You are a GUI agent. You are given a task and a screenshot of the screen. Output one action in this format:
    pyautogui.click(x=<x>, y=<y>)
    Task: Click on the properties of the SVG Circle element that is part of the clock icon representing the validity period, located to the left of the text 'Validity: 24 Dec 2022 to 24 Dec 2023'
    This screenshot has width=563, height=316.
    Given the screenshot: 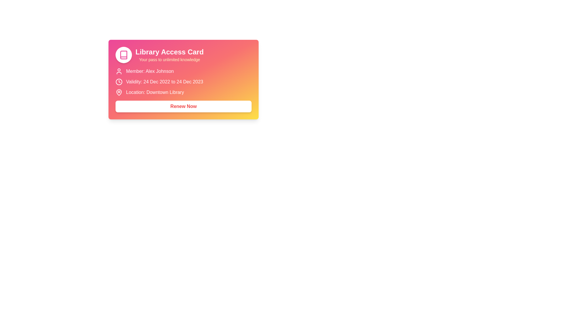 What is the action you would take?
    pyautogui.click(x=119, y=82)
    